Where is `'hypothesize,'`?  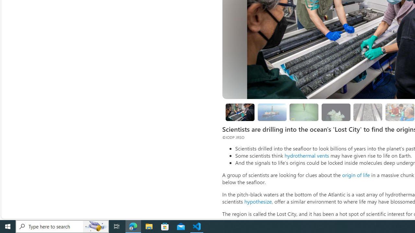
'hypothesize,' is located at coordinates (258, 201).